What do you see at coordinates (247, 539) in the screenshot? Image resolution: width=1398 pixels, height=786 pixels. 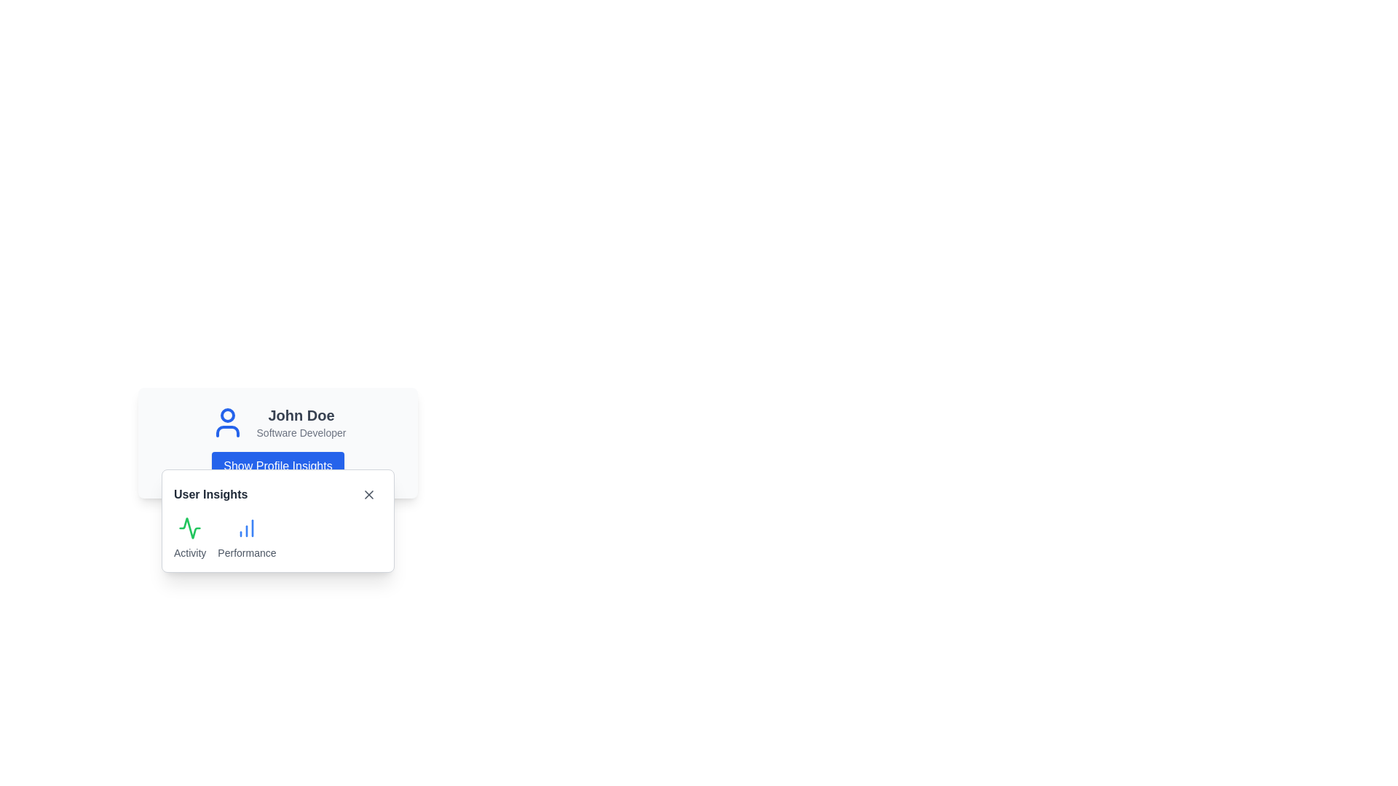 I see `the navigation button labeled 'Performance' located to the immediate right of the 'Activity' button in the 'User Insights' popup` at bounding box center [247, 539].